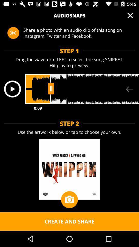  Describe the element at coordinates (69, 199) in the screenshot. I see `item above create and share` at that location.